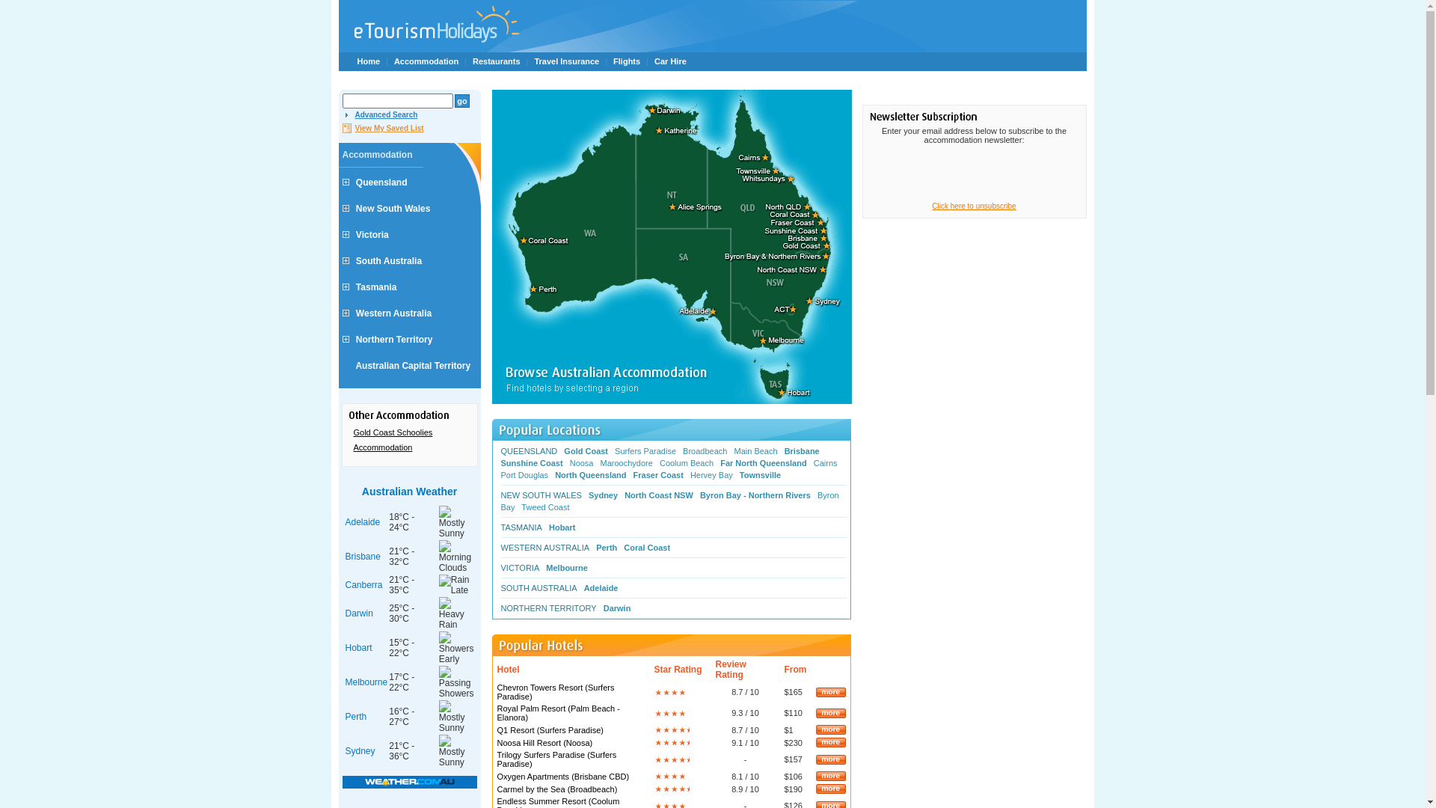 Image resolution: width=1436 pixels, height=808 pixels. What do you see at coordinates (393, 313) in the screenshot?
I see `'Western Australia'` at bounding box center [393, 313].